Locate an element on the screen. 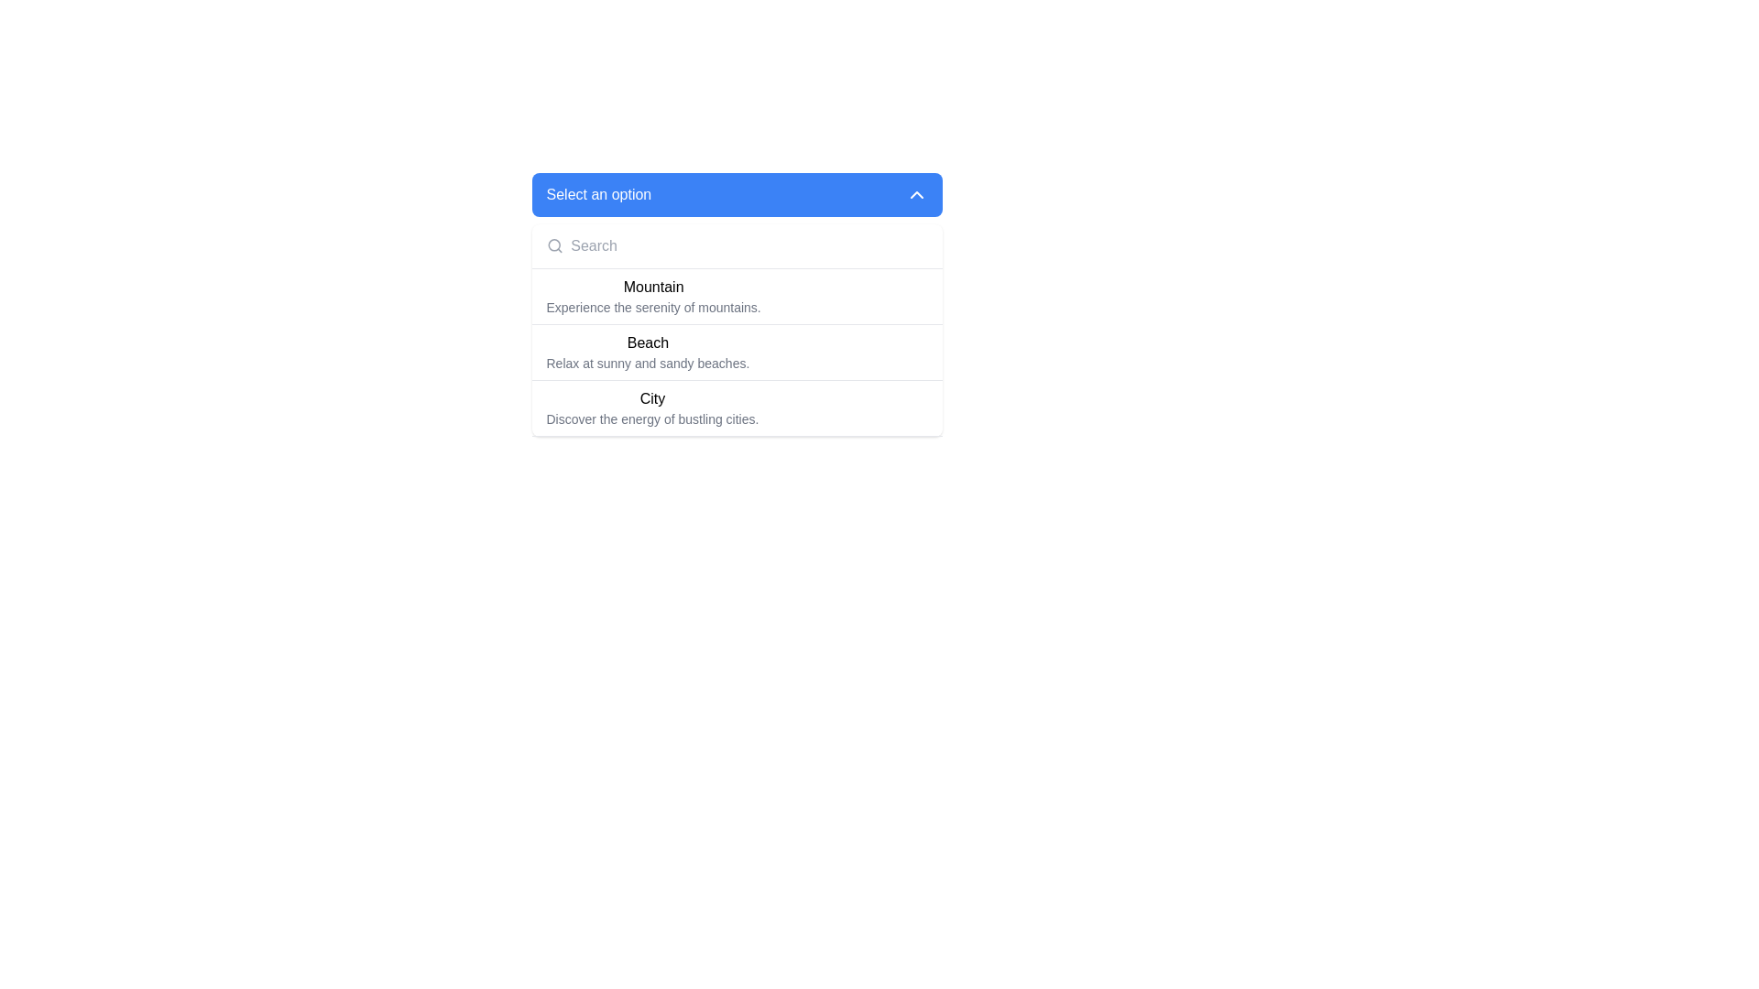 This screenshot has height=989, width=1759. the 'Beach' option in the selectable list item located within the dropdown list, which is the second item beneath 'Mountain' and above 'City' is located at coordinates (737, 353).